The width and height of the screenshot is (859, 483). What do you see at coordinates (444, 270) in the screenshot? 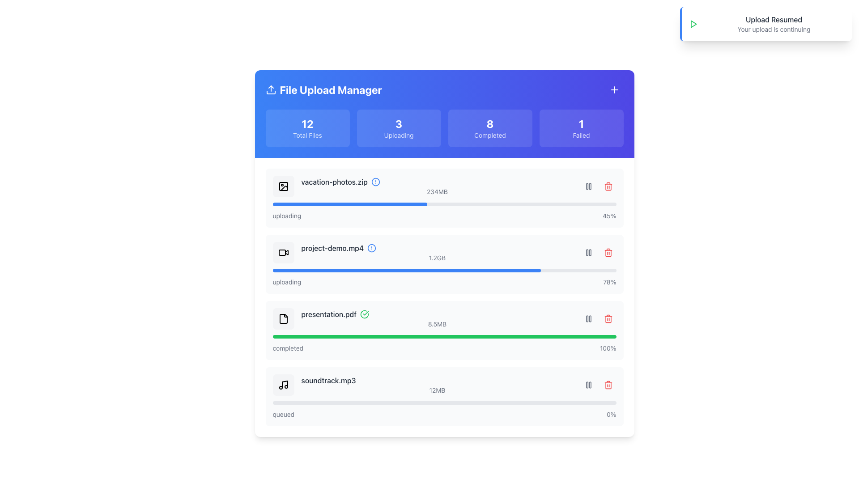
I see `the progress bar that visually represents the upload progress of the file 'project-demo.mp4' located below the text 'project-demo.mp4' and '1.2GB' in the file upload manager interface` at bounding box center [444, 270].